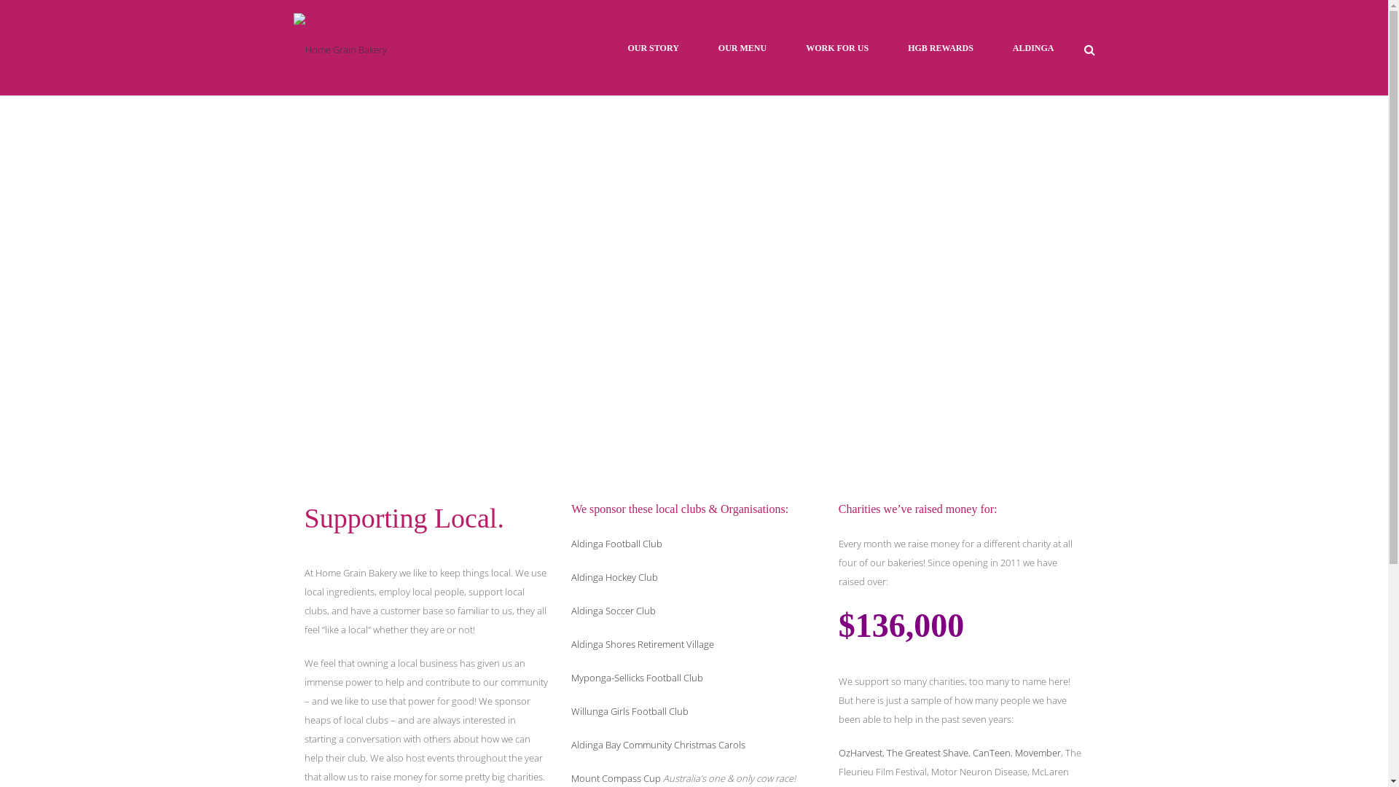 This screenshot has height=787, width=1399. Describe the element at coordinates (613, 610) in the screenshot. I see `'Aldinga Soccer Club'` at that location.